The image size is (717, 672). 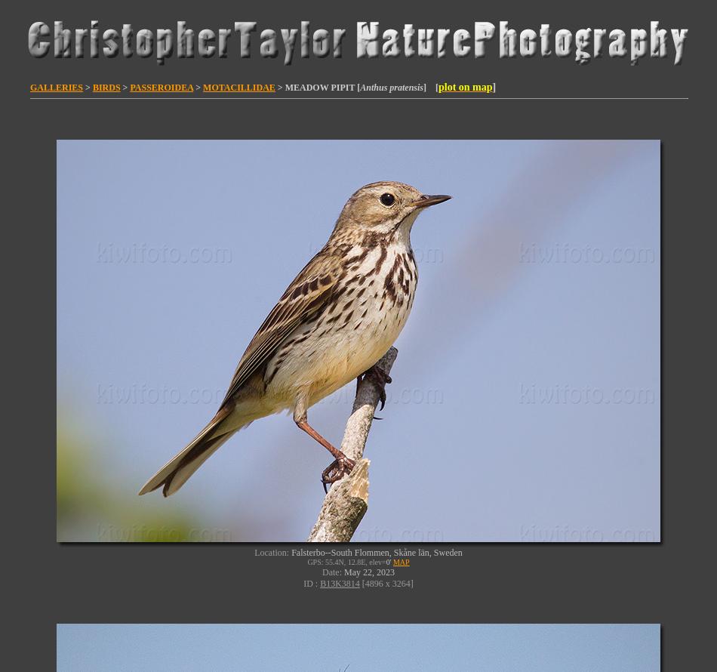 What do you see at coordinates (343, 572) in the screenshot?
I see `'May  22, 2023'` at bounding box center [343, 572].